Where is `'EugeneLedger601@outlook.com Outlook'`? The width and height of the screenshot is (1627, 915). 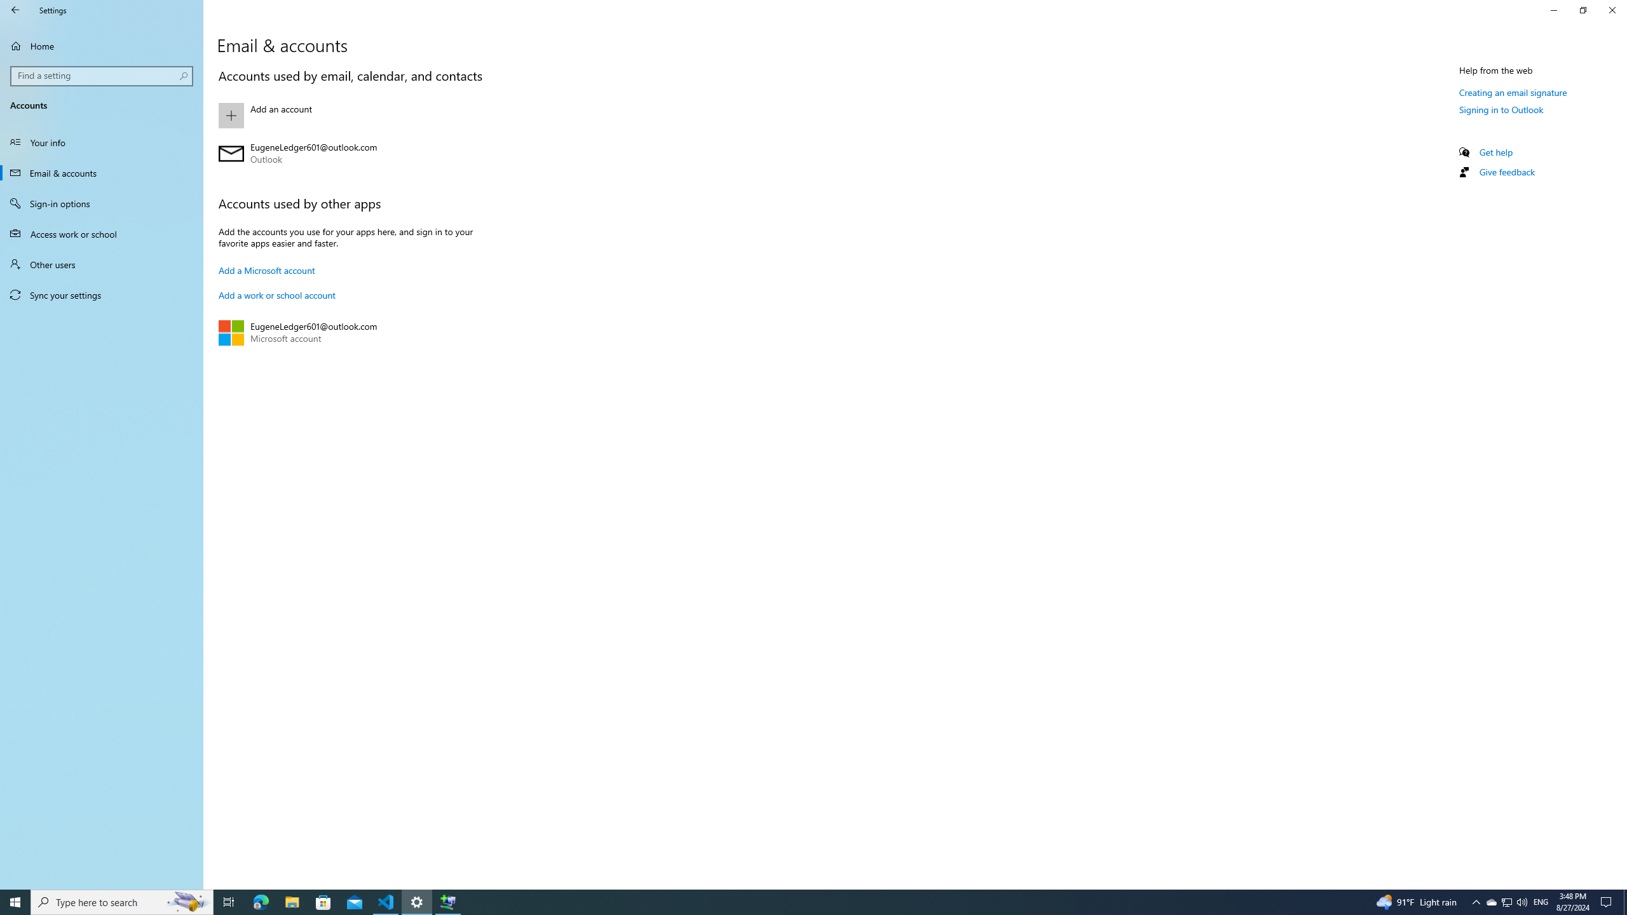 'EugeneLedger601@outlook.com Outlook' is located at coordinates (356, 153).